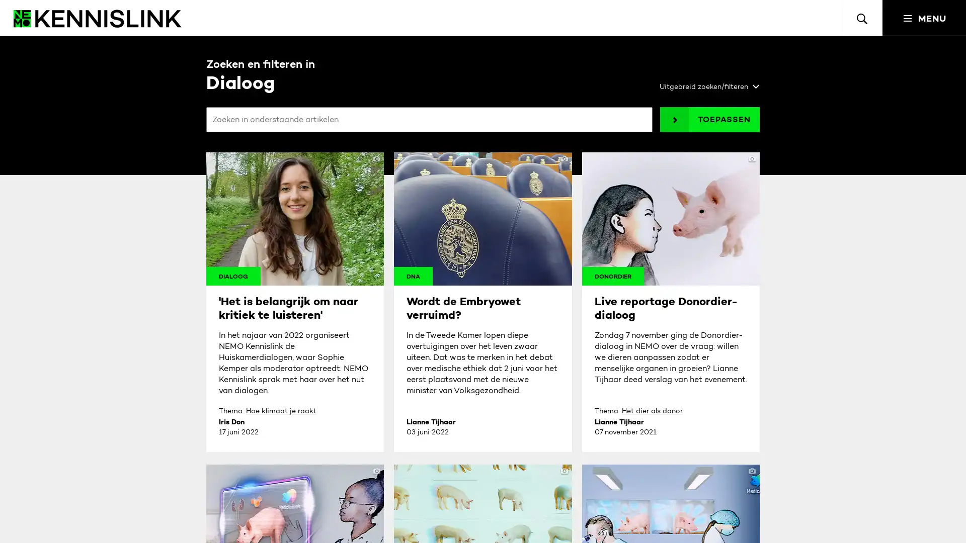  Describe the element at coordinates (705, 86) in the screenshot. I see `Uitgebreid zoeken/filteren` at that location.